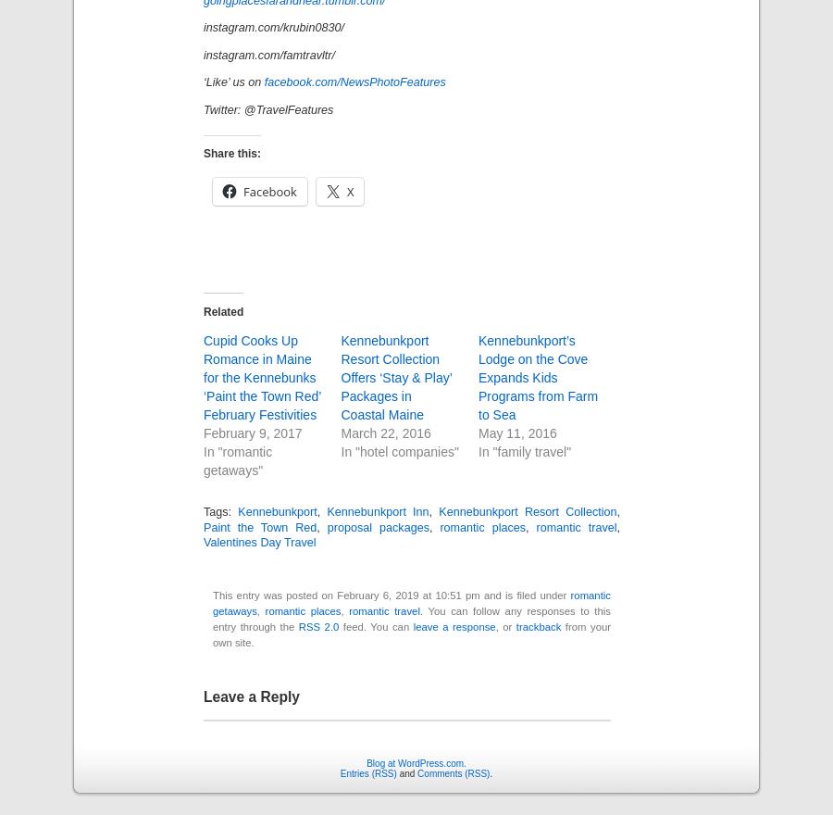 The height and width of the screenshot is (815, 833). I want to click on 'facebook.com/NewsPhotoFeatures', so click(354, 81).